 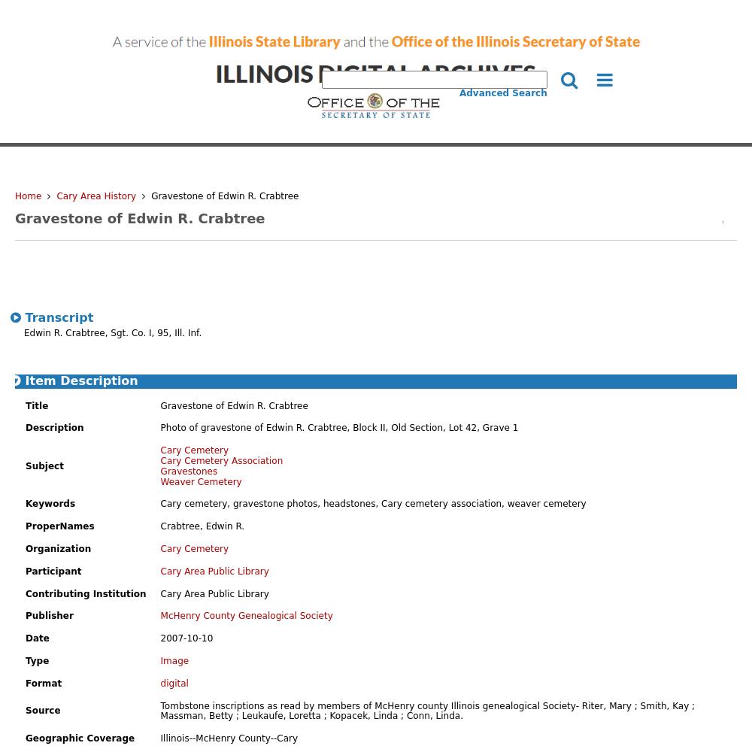 I want to click on 'Contributing Institution', so click(x=85, y=593).